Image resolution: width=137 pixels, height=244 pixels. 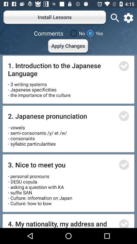 I want to click on the 4 my nationality item, so click(x=62, y=223).